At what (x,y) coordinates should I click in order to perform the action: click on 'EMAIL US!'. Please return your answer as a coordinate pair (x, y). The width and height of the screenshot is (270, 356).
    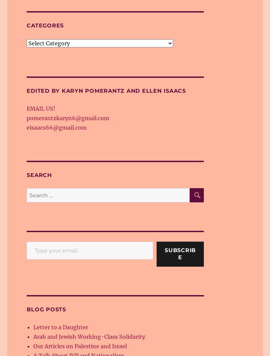
    Looking at the image, I should click on (40, 108).